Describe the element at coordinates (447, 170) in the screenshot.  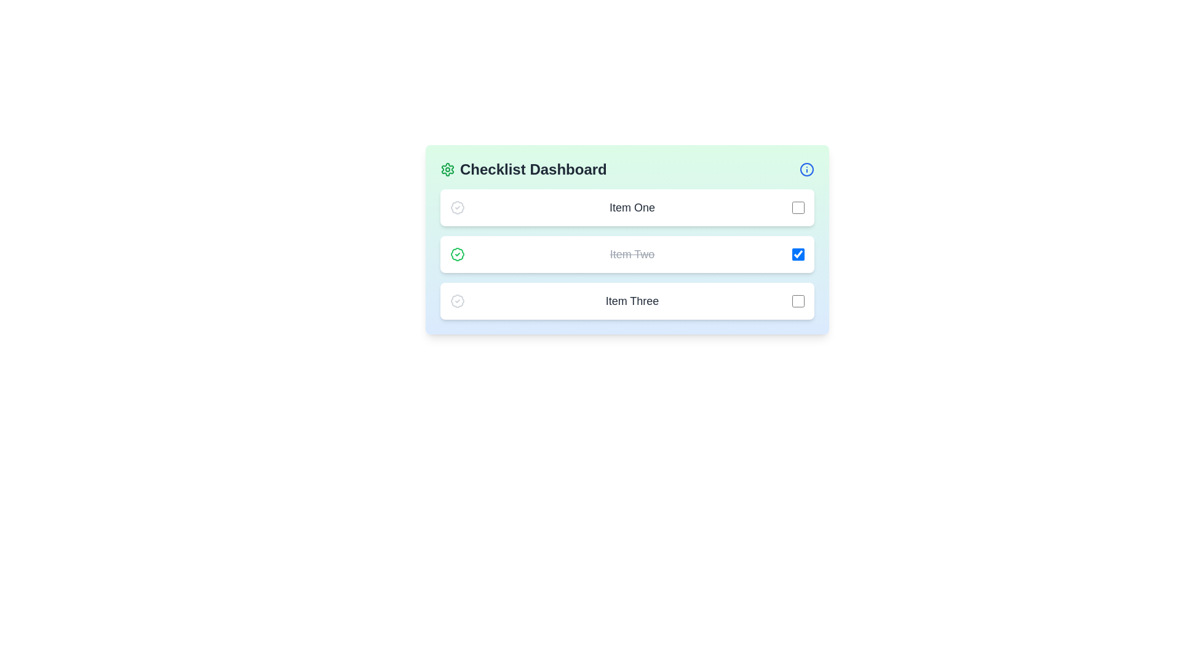
I see `the settings icon located immediately to the left of the 'Checklist Dashboard' text at the top of the interface` at that location.